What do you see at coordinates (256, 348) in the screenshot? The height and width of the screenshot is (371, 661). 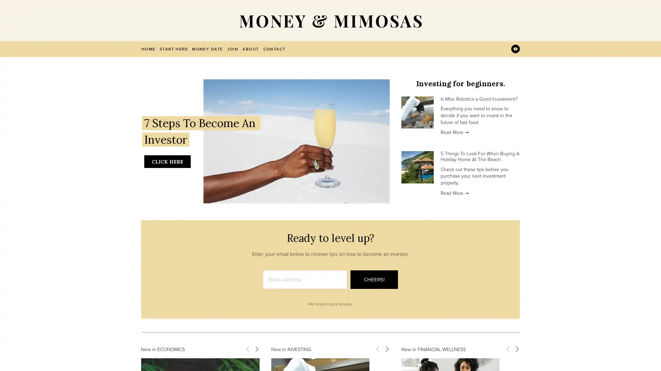 I see `Next` at bounding box center [256, 348].